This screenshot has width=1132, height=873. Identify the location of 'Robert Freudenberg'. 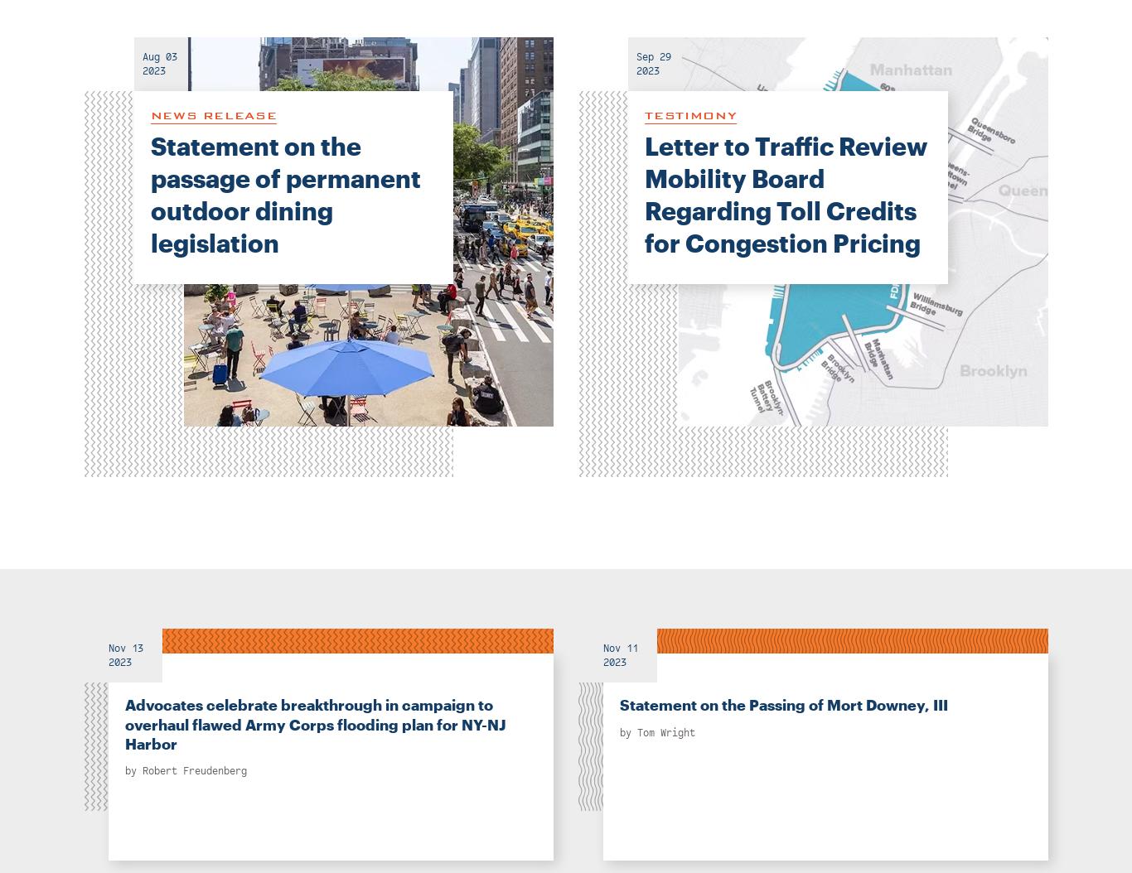
(141, 769).